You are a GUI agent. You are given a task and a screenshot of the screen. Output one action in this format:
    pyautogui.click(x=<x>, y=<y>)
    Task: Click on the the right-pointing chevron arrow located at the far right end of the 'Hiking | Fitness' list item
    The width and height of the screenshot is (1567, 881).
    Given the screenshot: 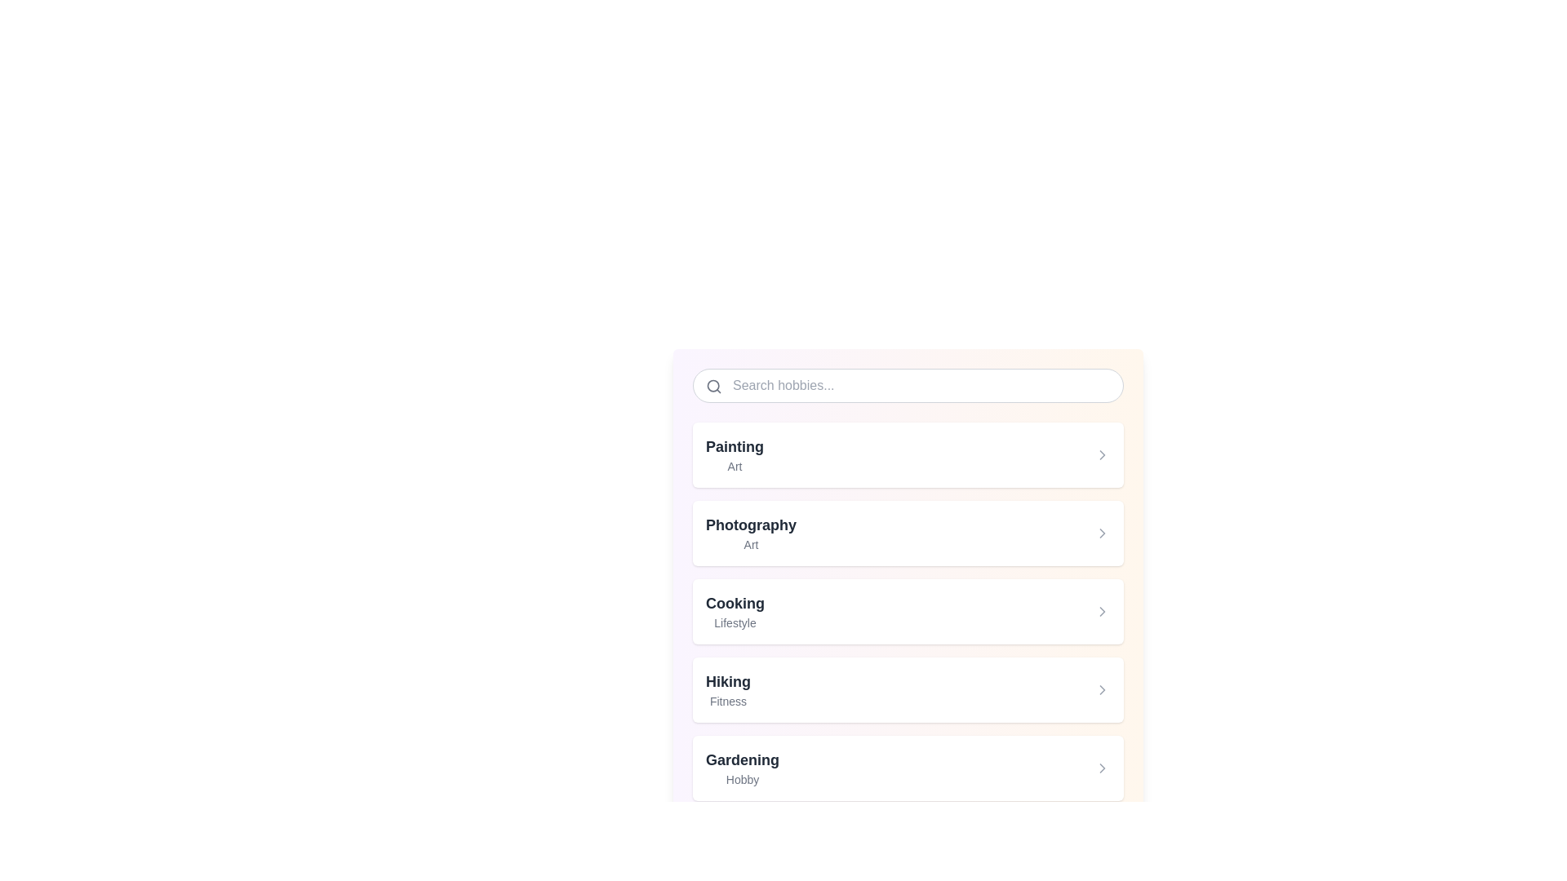 What is the action you would take?
    pyautogui.click(x=1102, y=689)
    